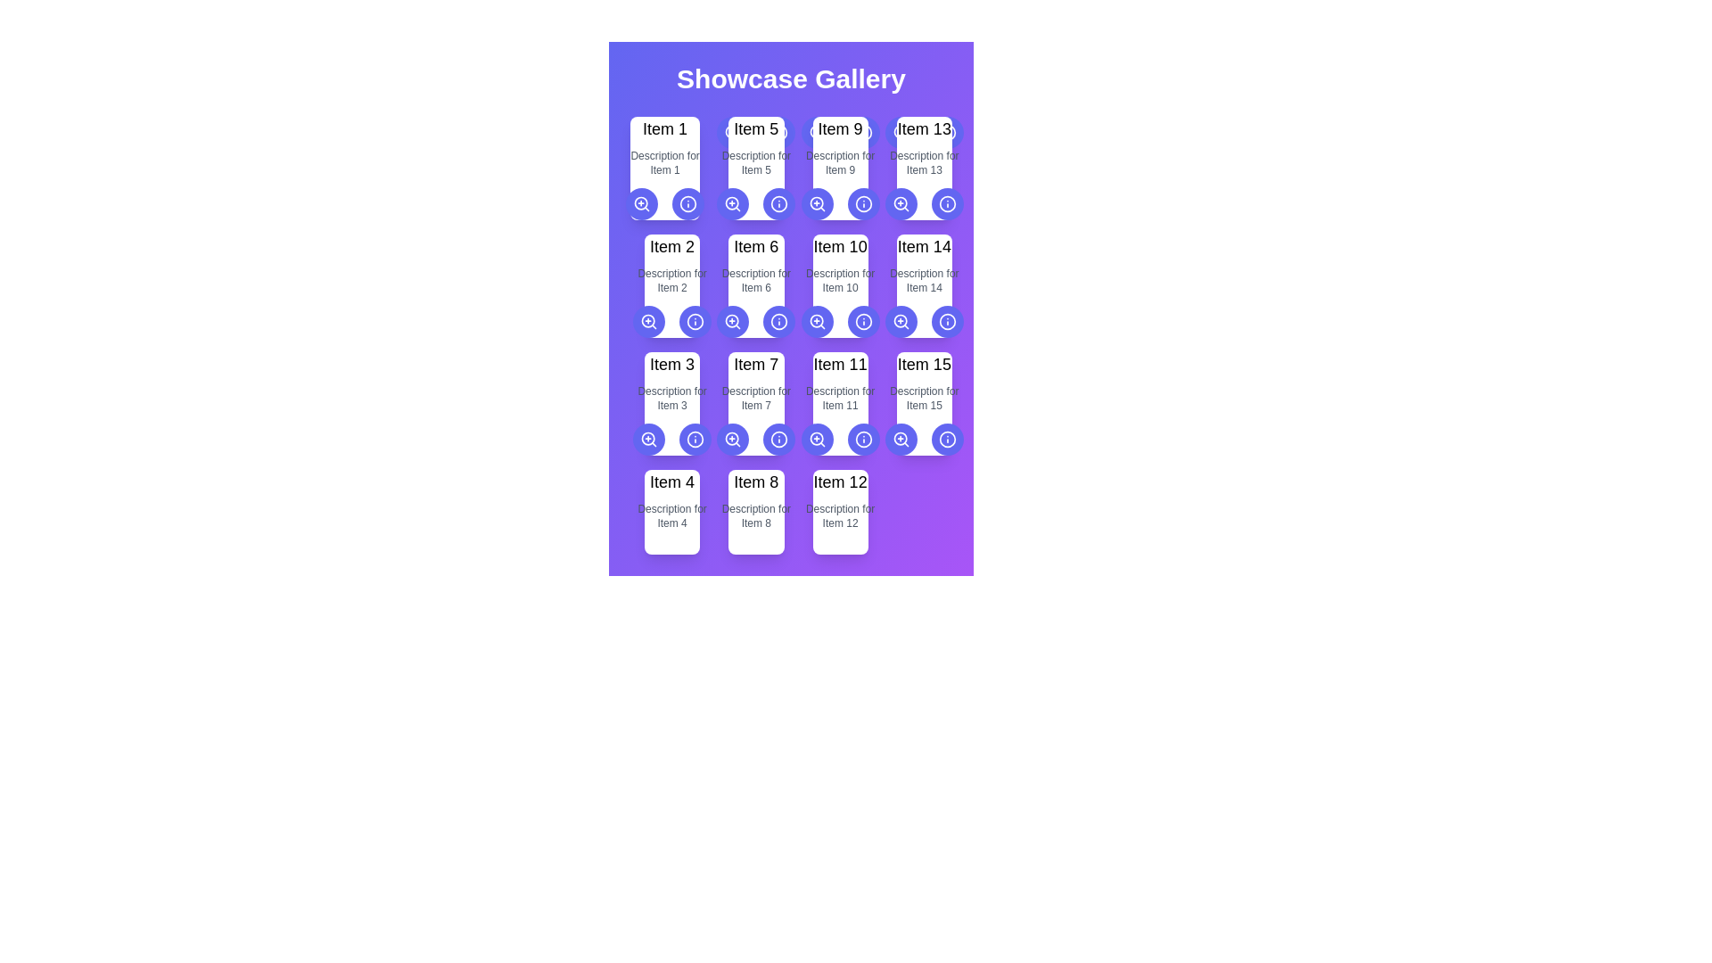 The image size is (1712, 963). Describe the element at coordinates (756, 398) in the screenshot. I see `the informational Text label located beneath the title 'Item 7' in the second row, third column of the grid layout` at that location.